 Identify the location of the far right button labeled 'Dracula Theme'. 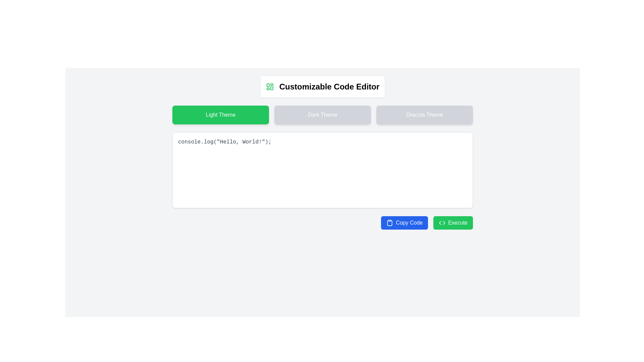
(424, 115).